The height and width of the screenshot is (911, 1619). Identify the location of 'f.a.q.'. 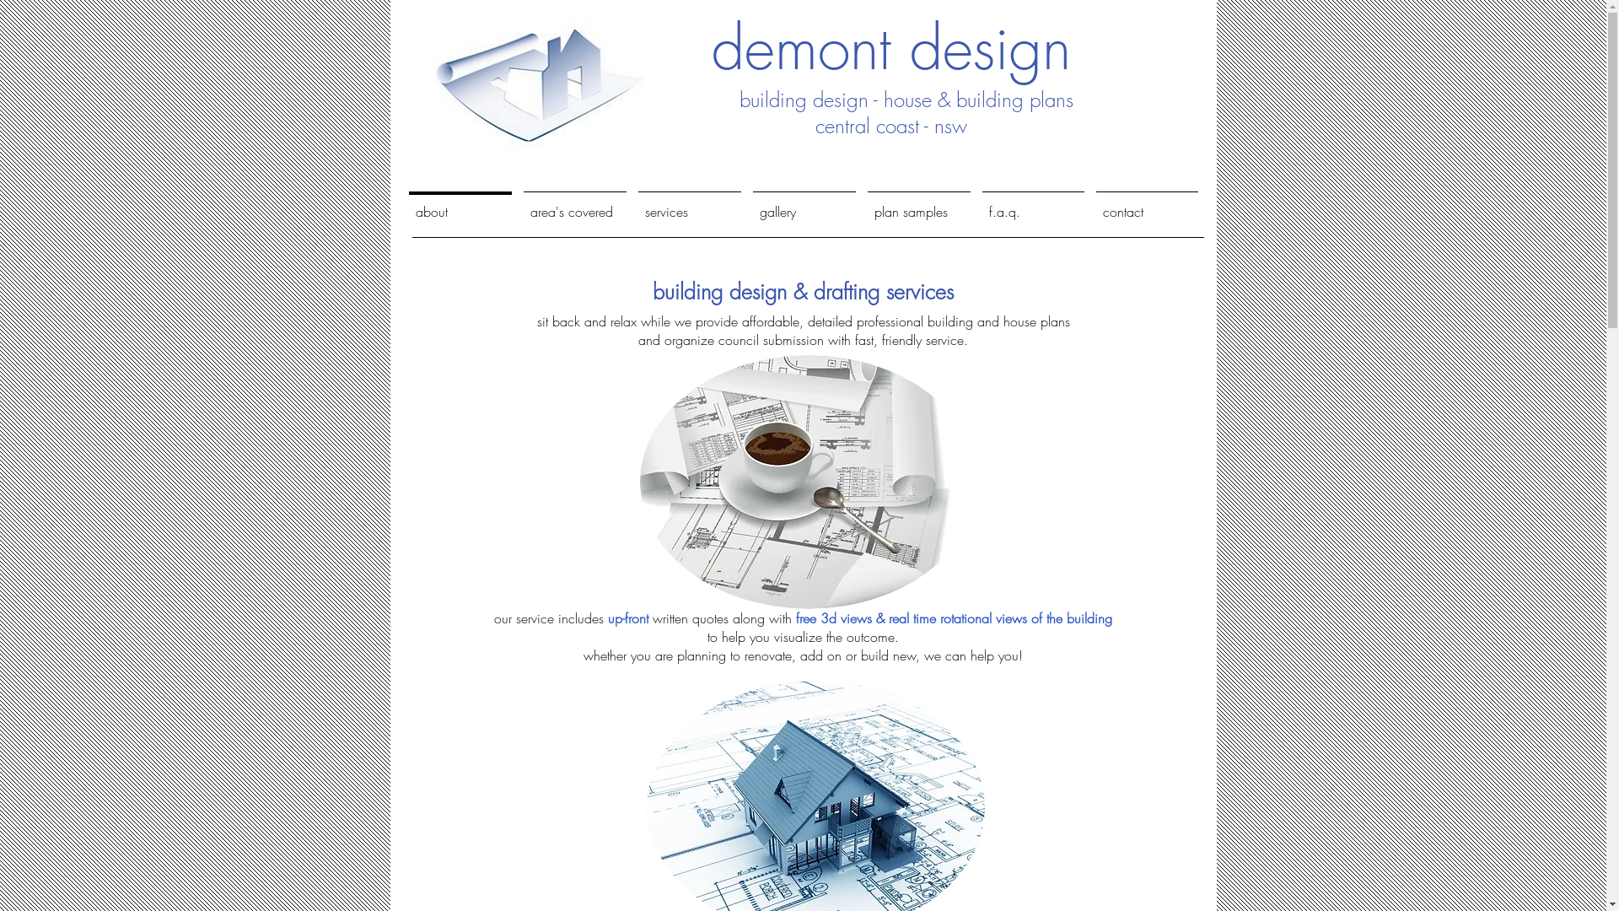
(976, 203).